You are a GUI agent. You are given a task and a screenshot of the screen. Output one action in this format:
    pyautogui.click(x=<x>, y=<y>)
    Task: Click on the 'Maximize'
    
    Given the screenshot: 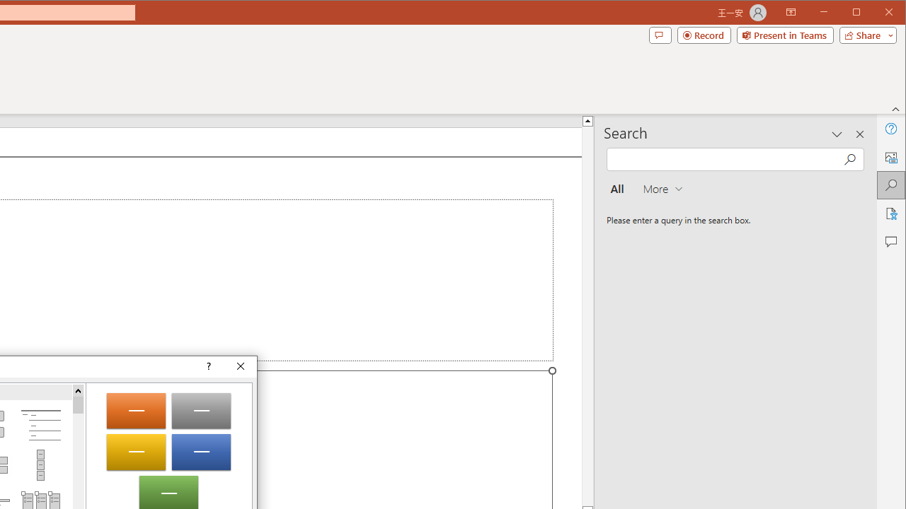 What is the action you would take?
    pyautogui.click(x=876, y=13)
    